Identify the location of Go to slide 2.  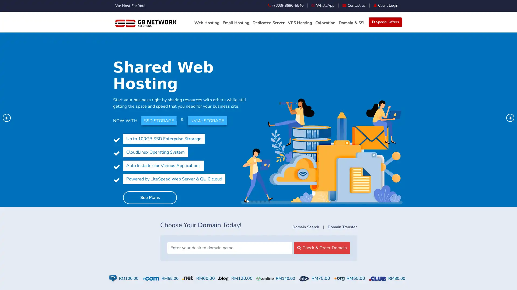
(252, 201).